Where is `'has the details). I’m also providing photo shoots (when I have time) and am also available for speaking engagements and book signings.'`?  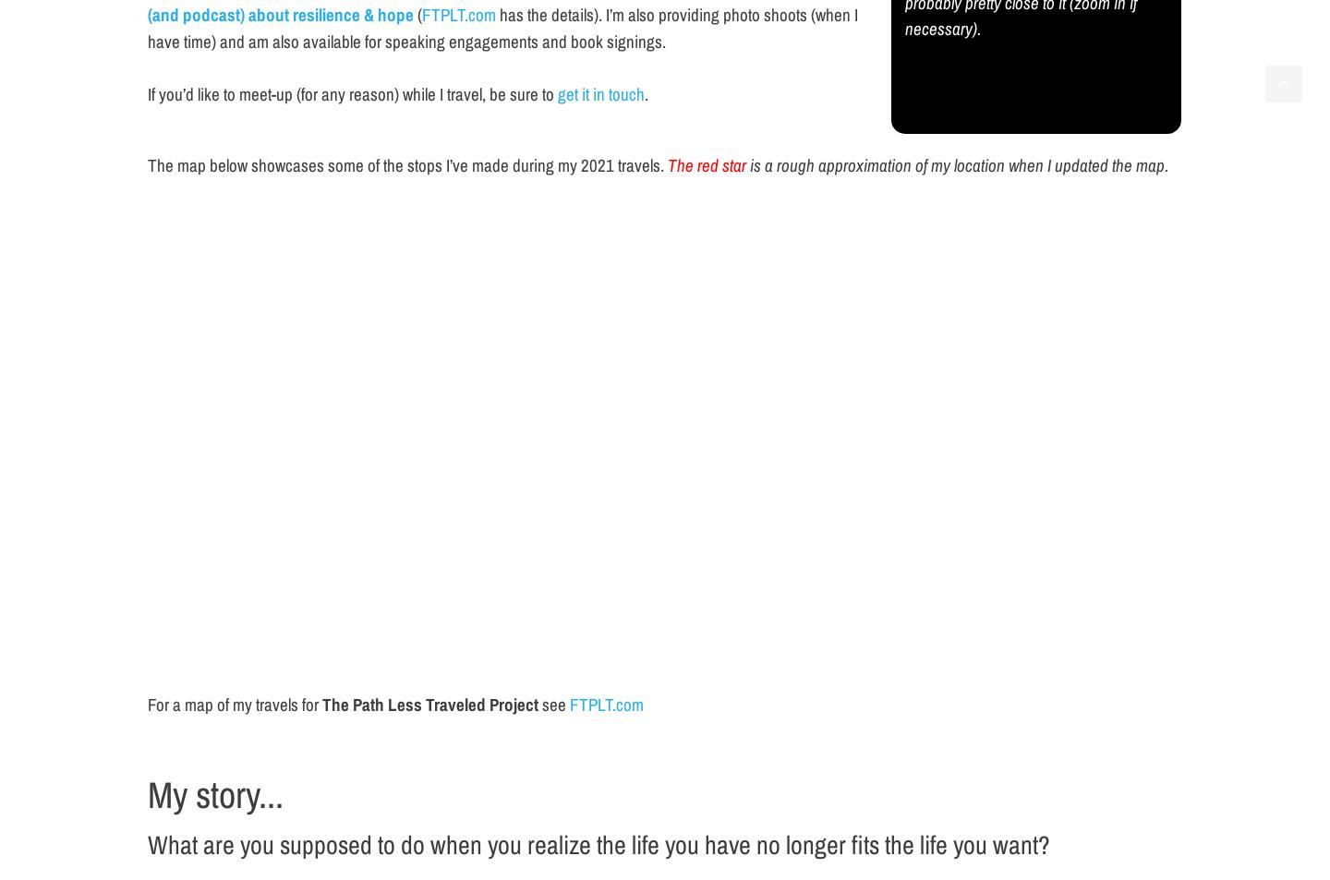 'has the details). I’m also providing photo shoots (when I have time) and am also available for speaking engagements and book signings.' is located at coordinates (502, 27).